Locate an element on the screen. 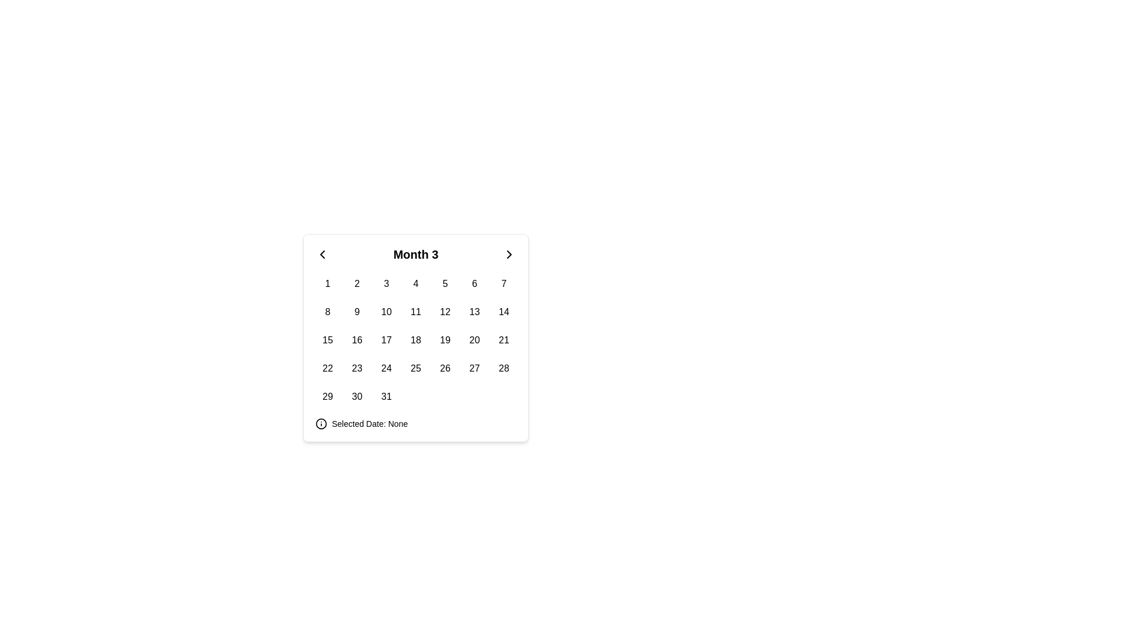 The height and width of the screenshot is (635, 1128). the text representing the date '20' in the calendar interface is located at coordinates (474, 340).